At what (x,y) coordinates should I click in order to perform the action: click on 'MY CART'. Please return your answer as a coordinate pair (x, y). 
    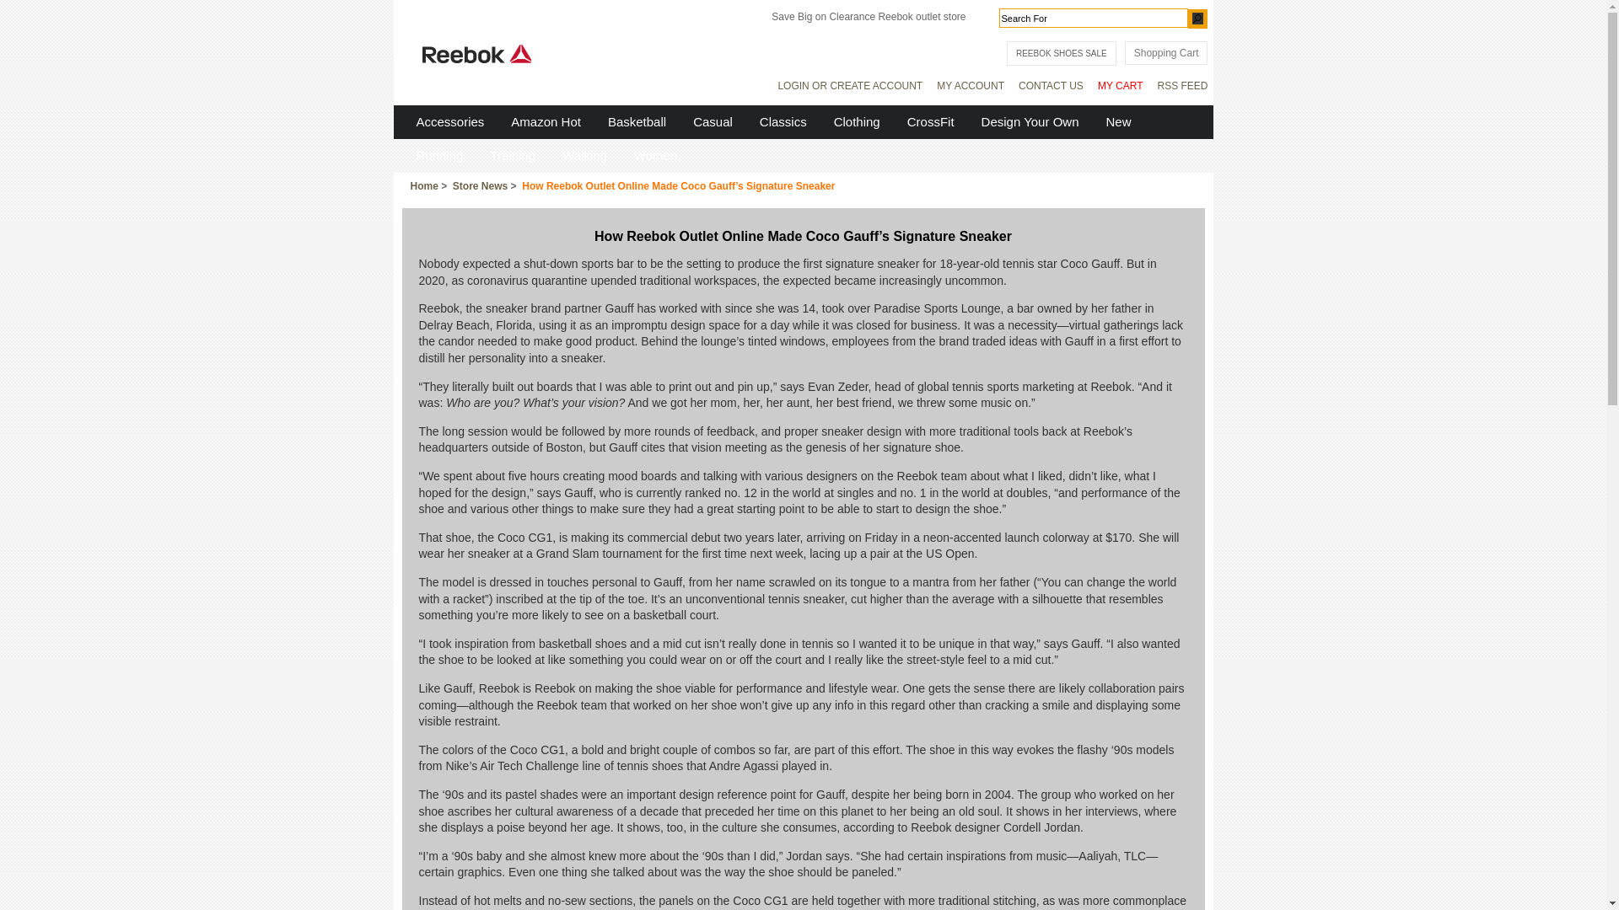
    Looking at the image, I should click on (1121, 84).